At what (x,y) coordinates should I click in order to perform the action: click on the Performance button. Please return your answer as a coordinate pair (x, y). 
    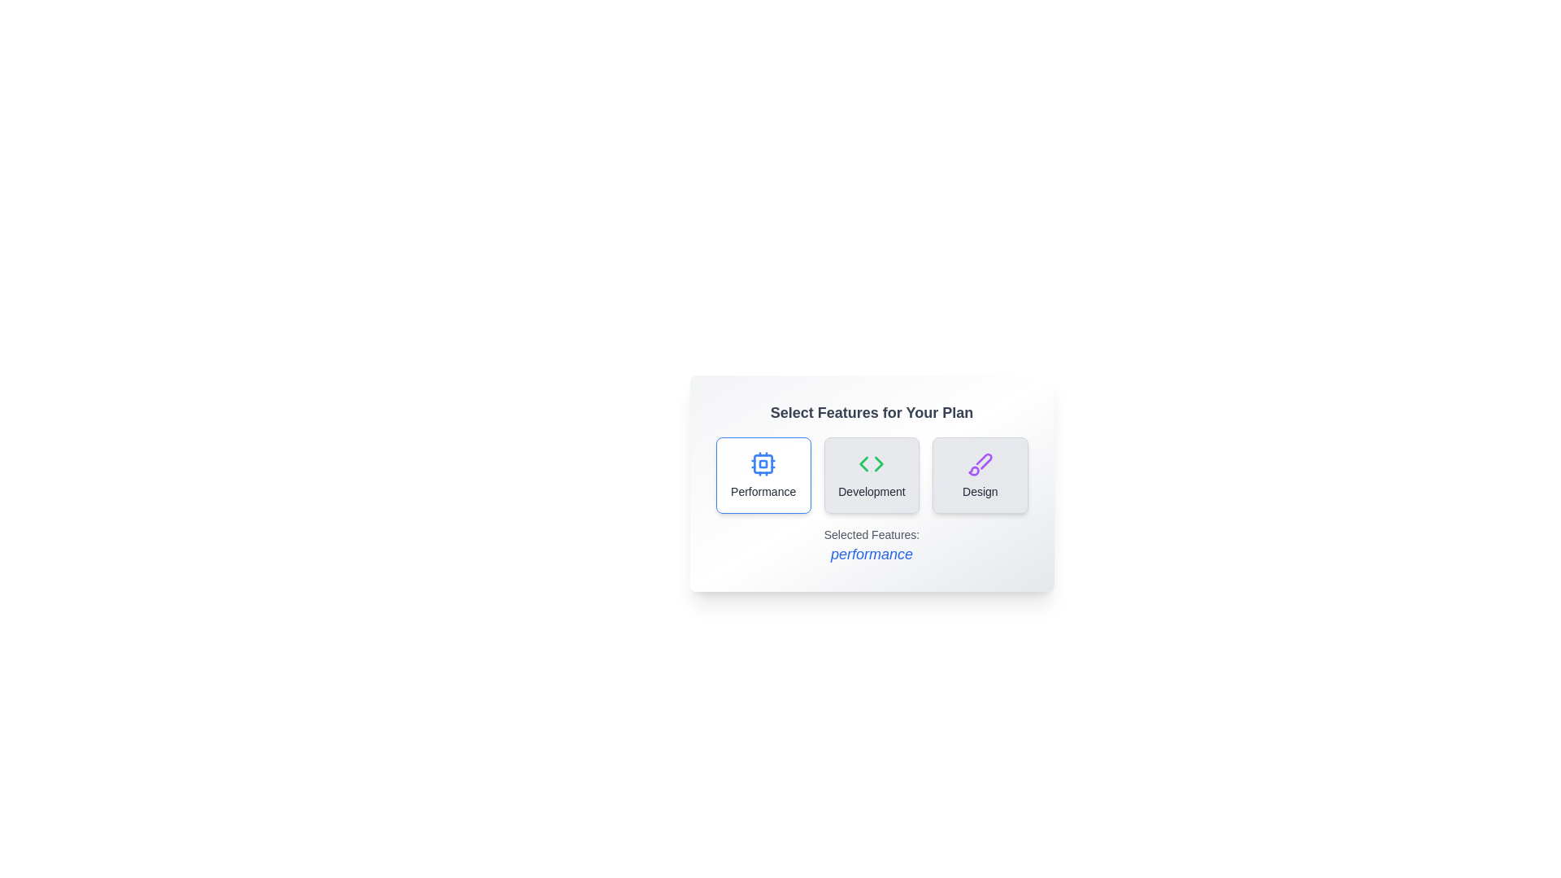
    Looking at the image, I should click on (763, 476).